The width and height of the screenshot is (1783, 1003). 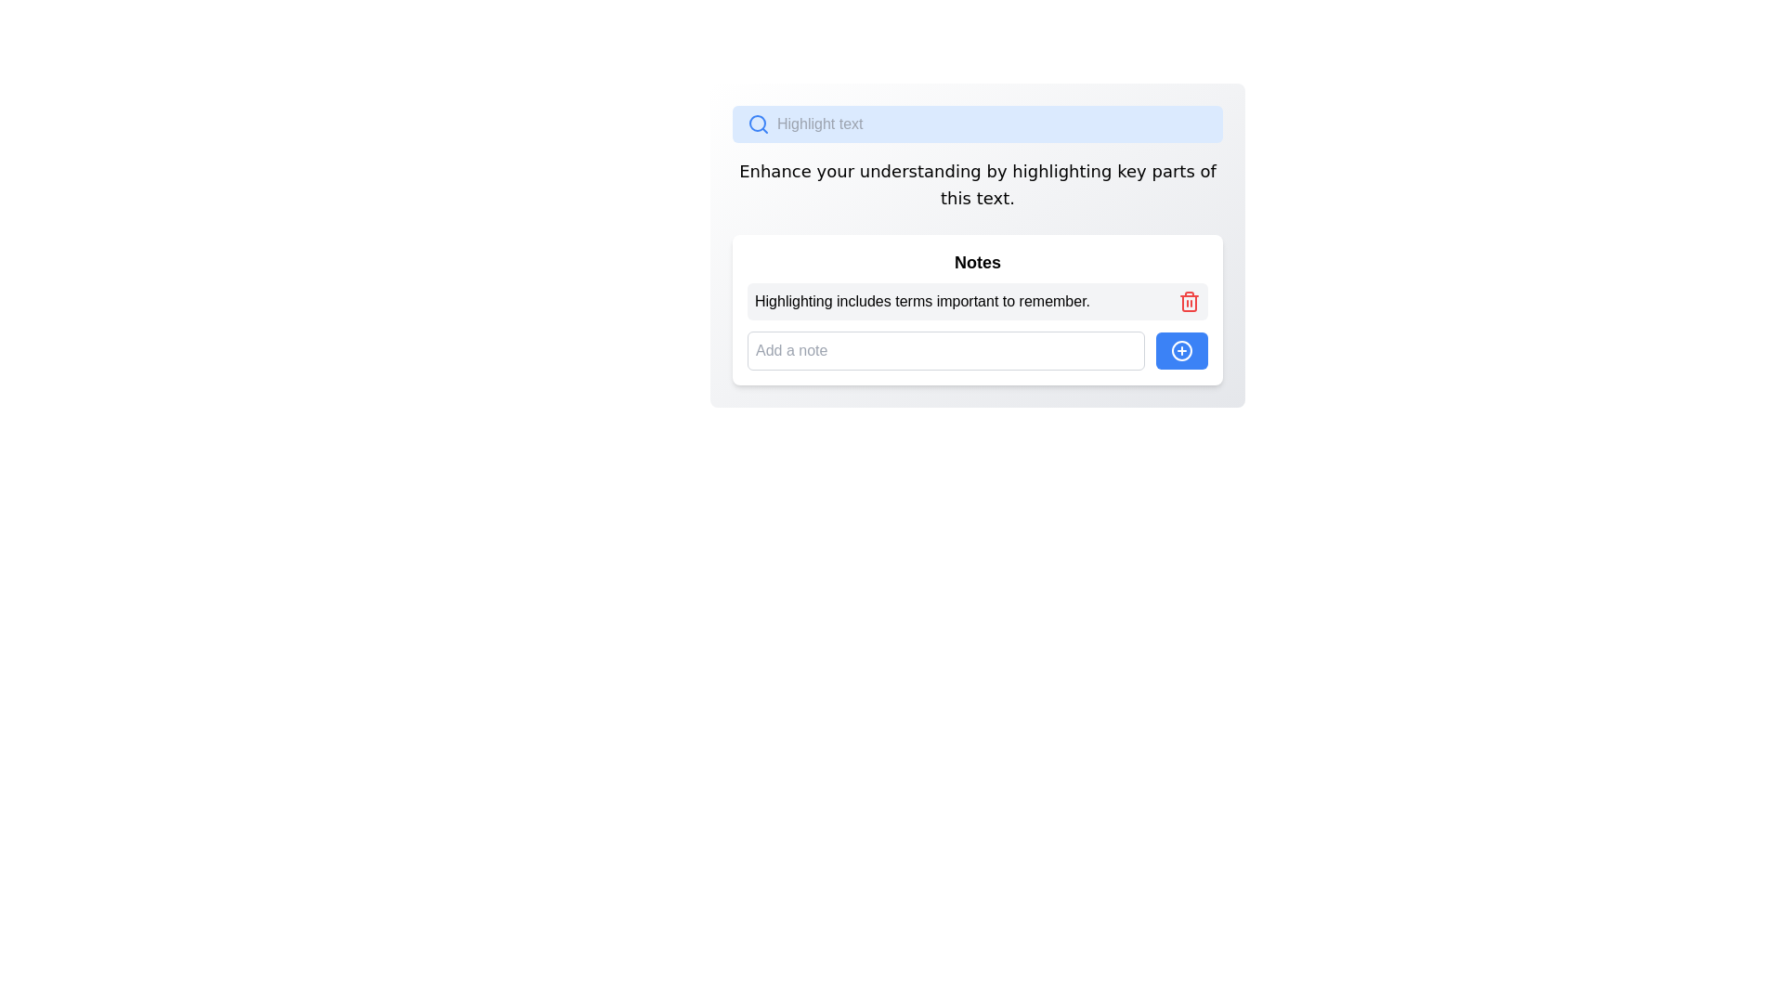 What do you see at coordinates (991, 171) in the screenshot?
I see `the character 'b' which is the 54th character in the text line 'Enhance your understanding by highlighting key parts of this text.'` at bounding box center [991, 171].